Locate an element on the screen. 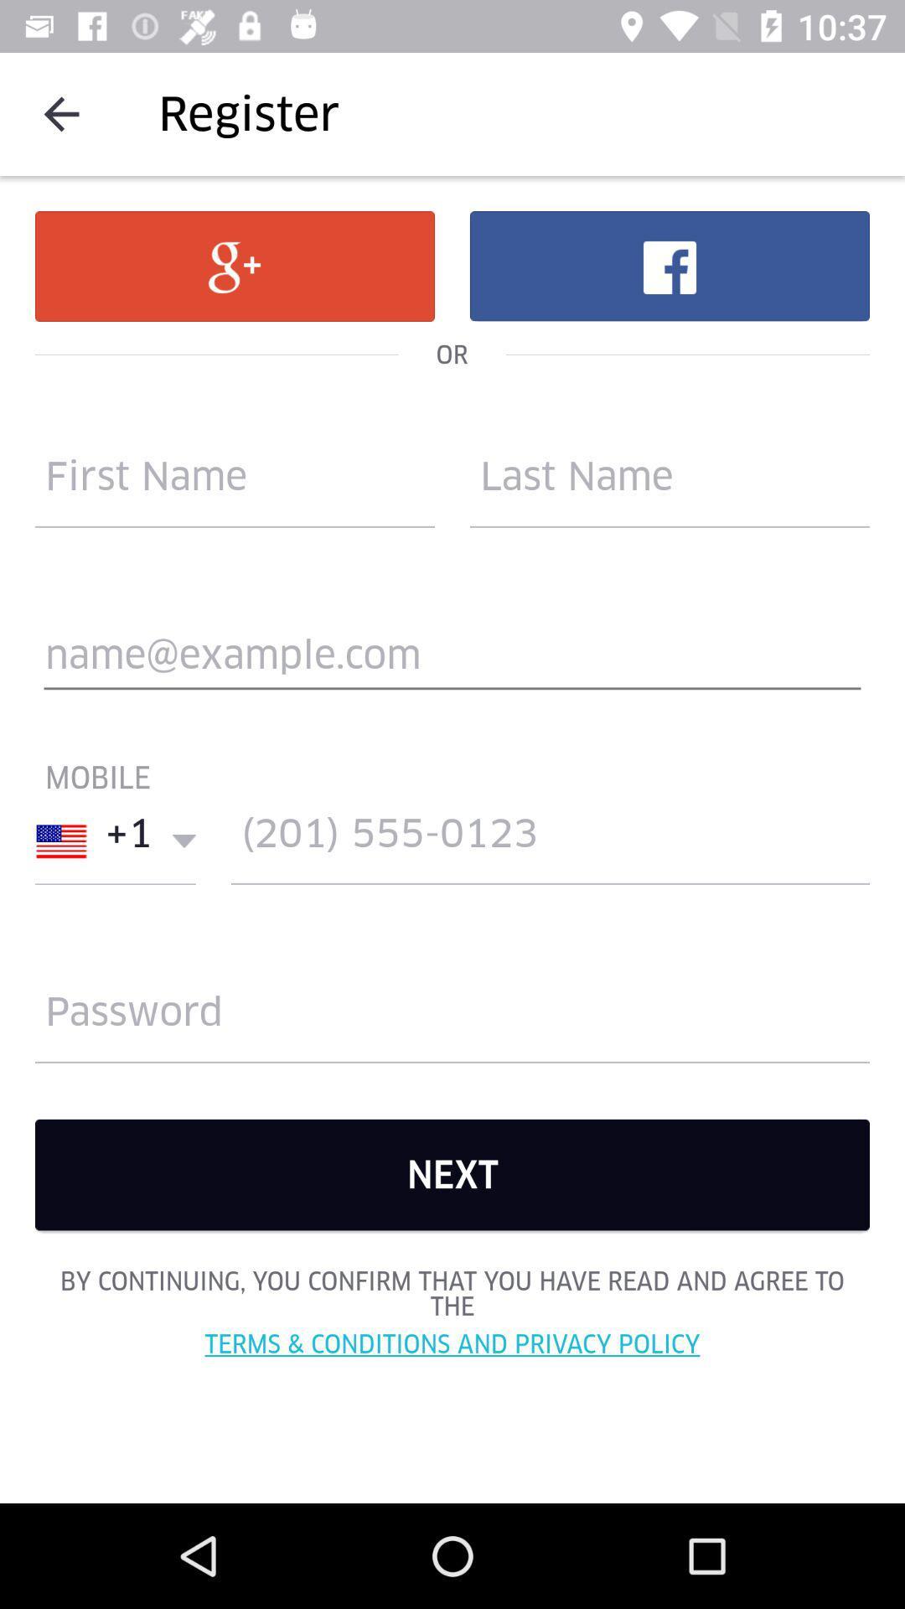 This screenshot has width=905, height=1609. email address is located at coordinates (452, 662).